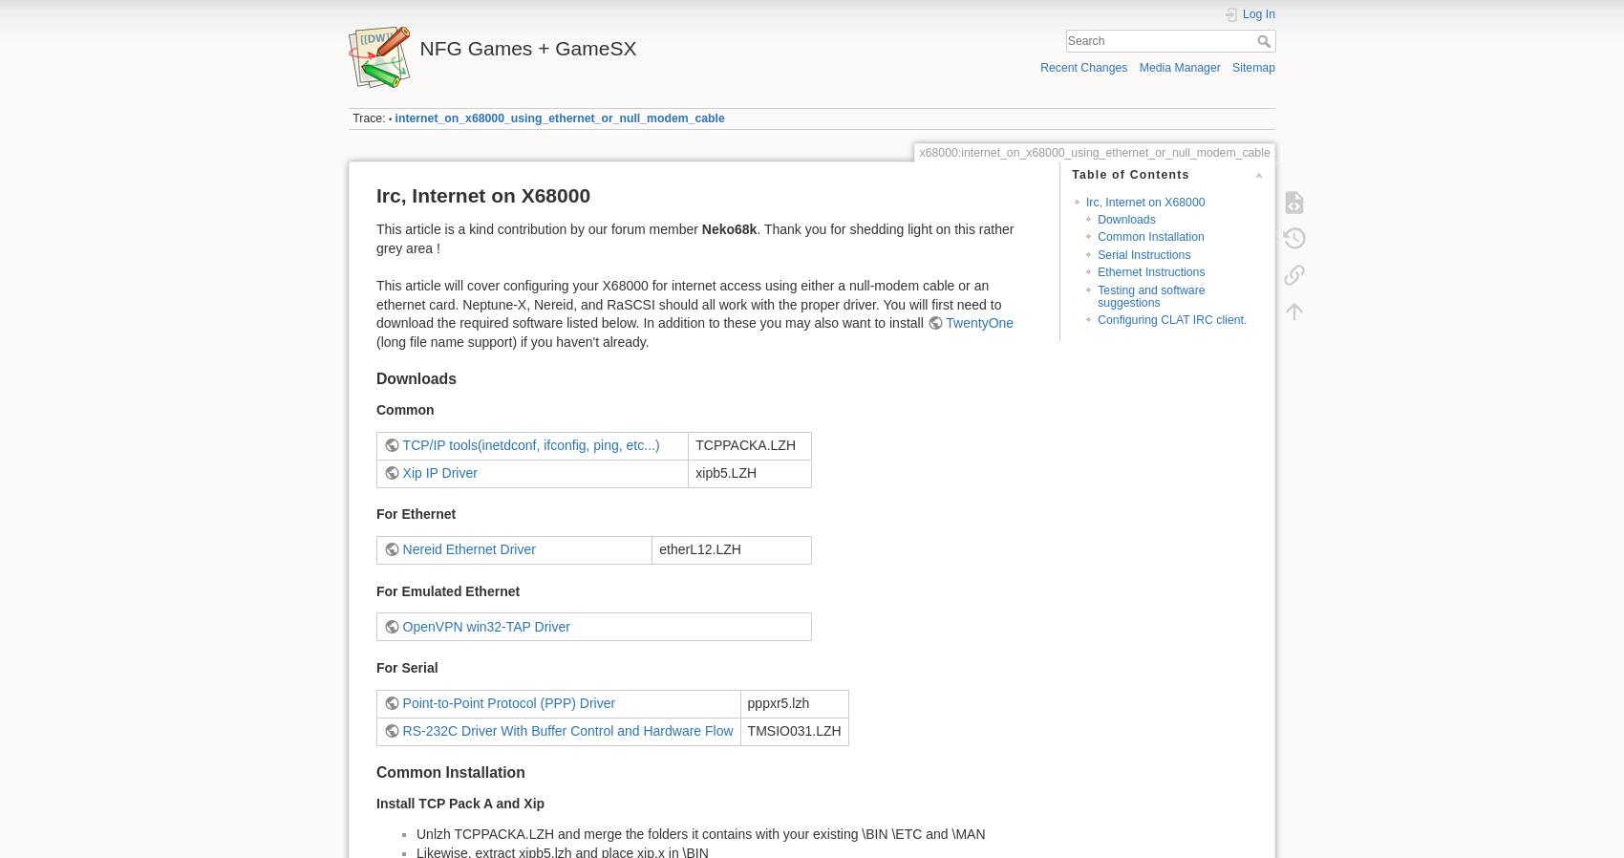 This screenshot has width=1624, height=858. I want to click on 'TCPPACKA.LZH', so click(744, 442).